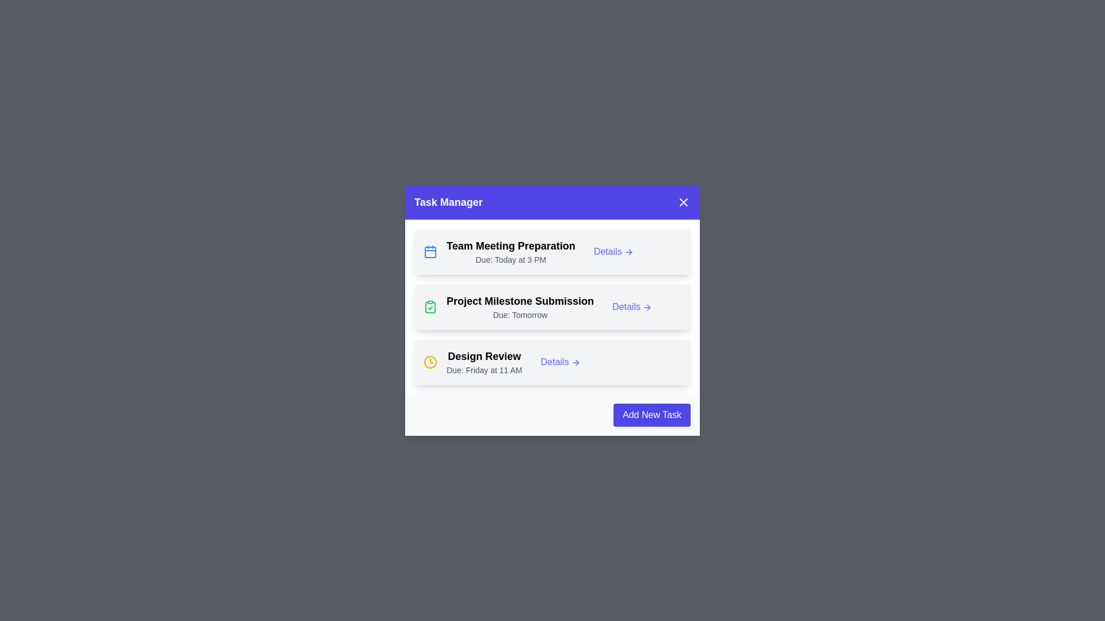 The height and width of the screenshot is (621, 1105). What do you see at coordinates (510, 246) in the screenshot?
I see `text label 'Team Meeting Preparation' located in the first row of the task list in the 'Task Manager' popup, positioned above 'Due: Today at 3 PM' and to the left of the 'Details' link` at bounding box center [510, 246].